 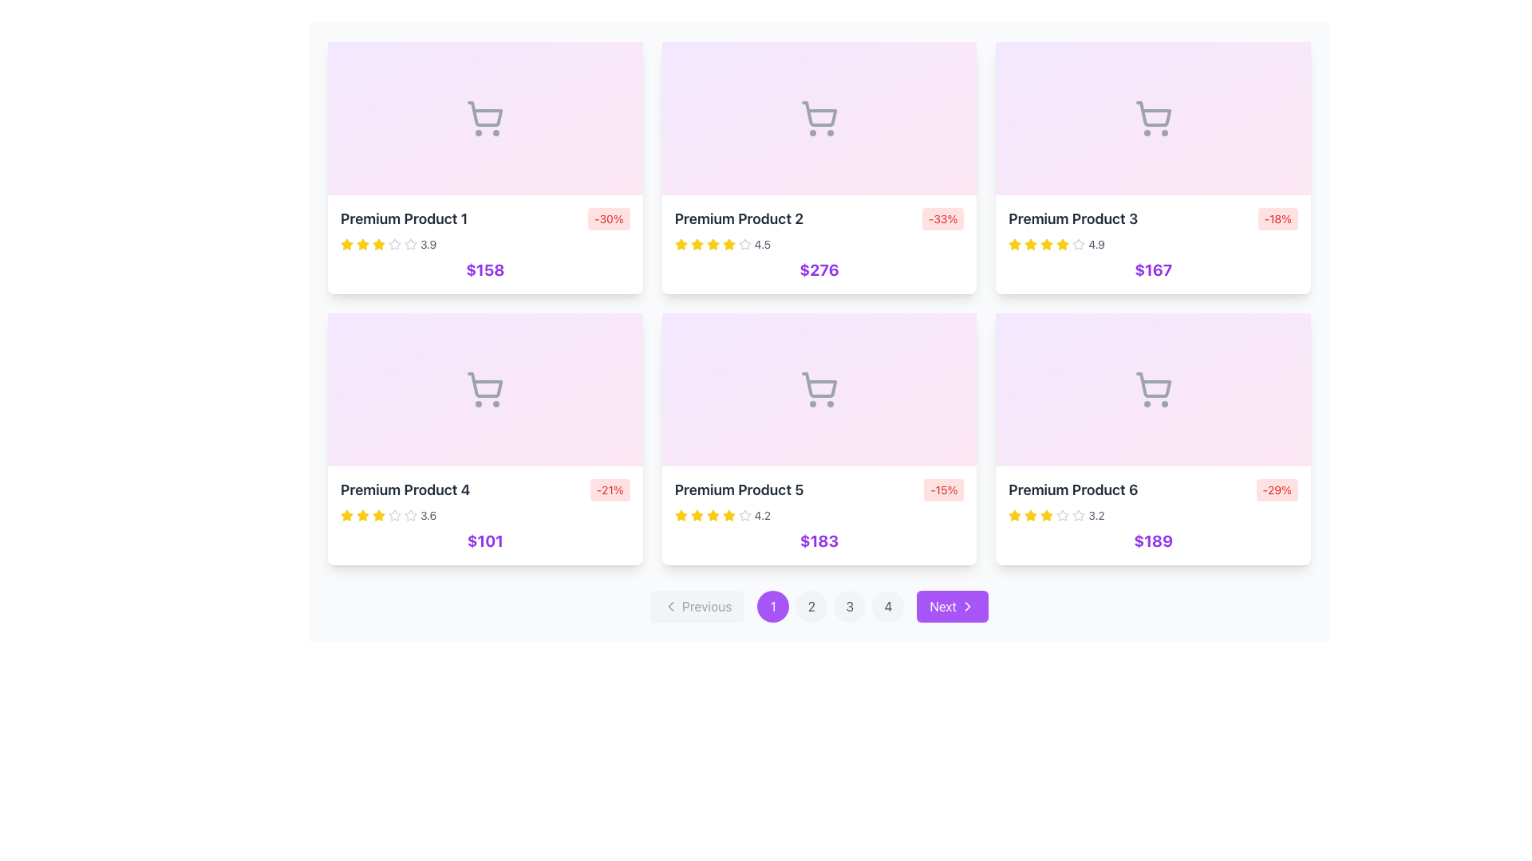 What do you see at coordinates (1096, 516) in the screenshot?
I see `the Text label displaying '3.2', which is styled in a small, gray font and is located to the right of the rating stars in the last product card of the second row` at bounding box center [1096, 516].